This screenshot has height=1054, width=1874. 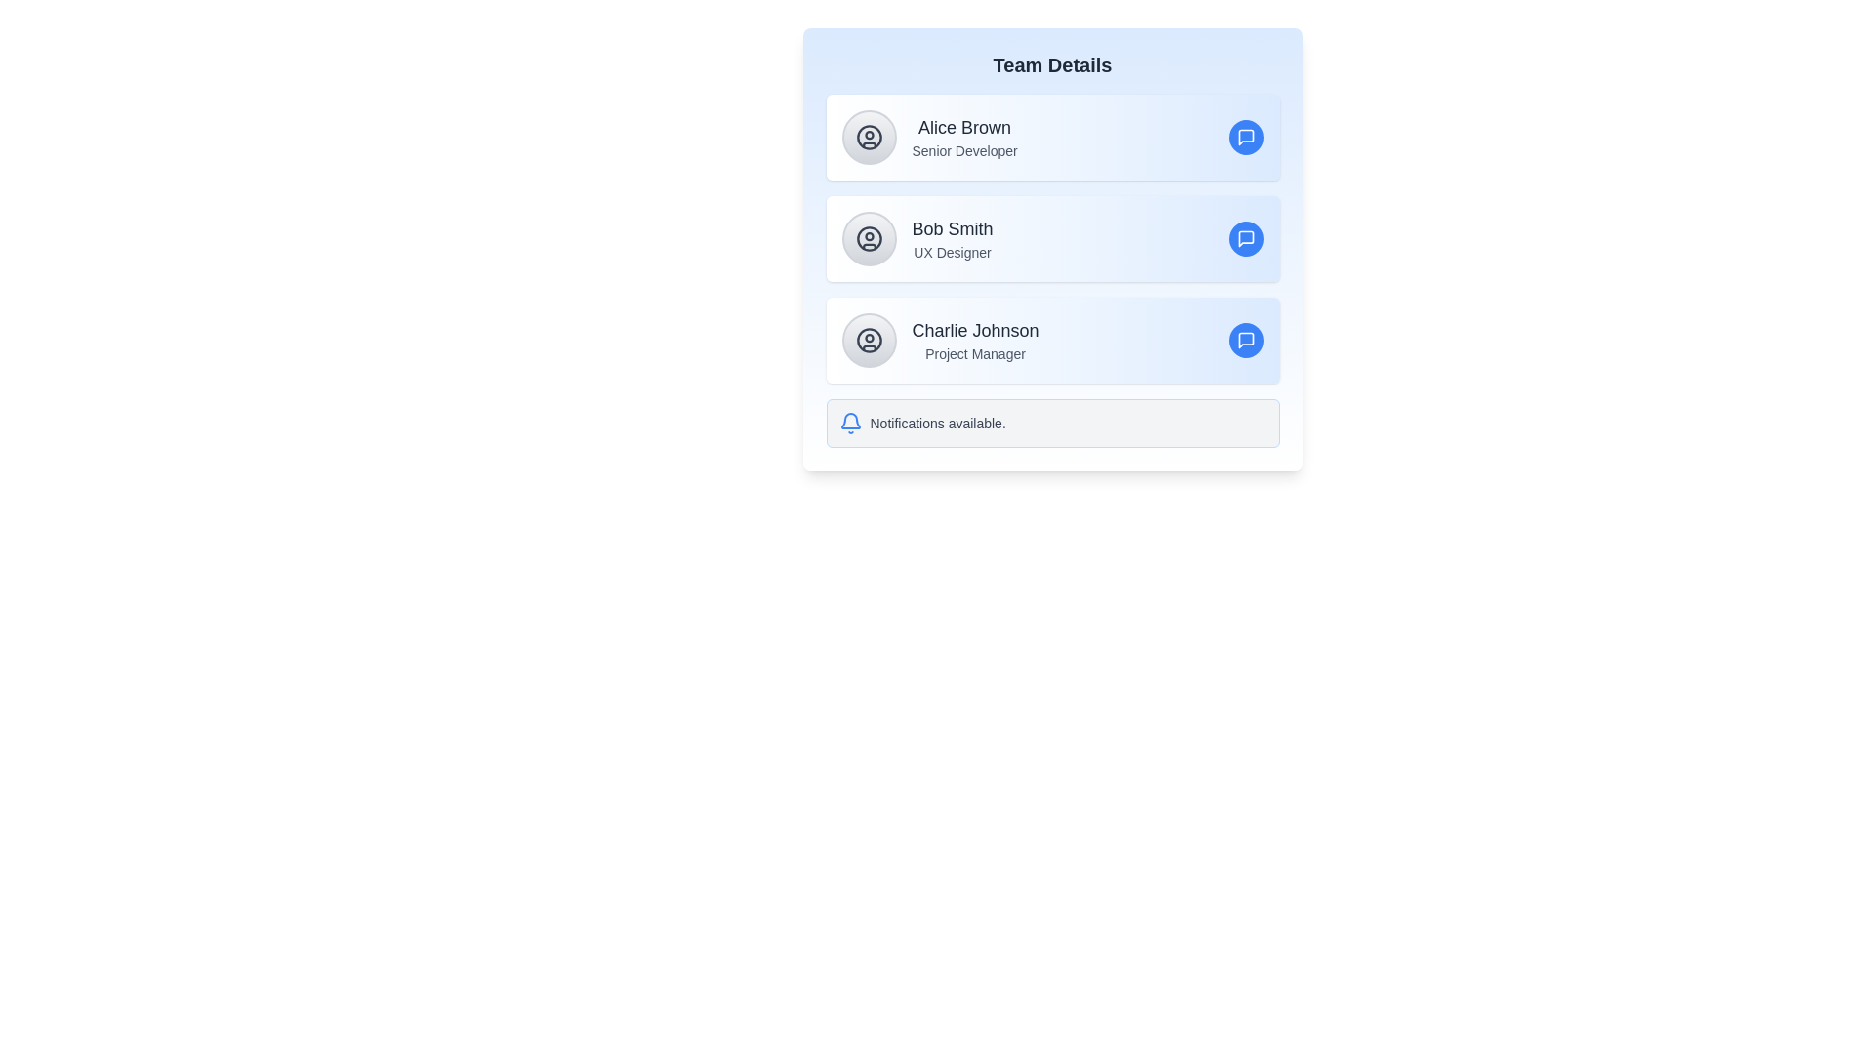 I want to click on the text label reading 'Project Manager' which is styled in a smaller font size and lighter gray color, located beneath the bold 'Charlie Johnson' text in the third card component, so click(x=975, y=353).